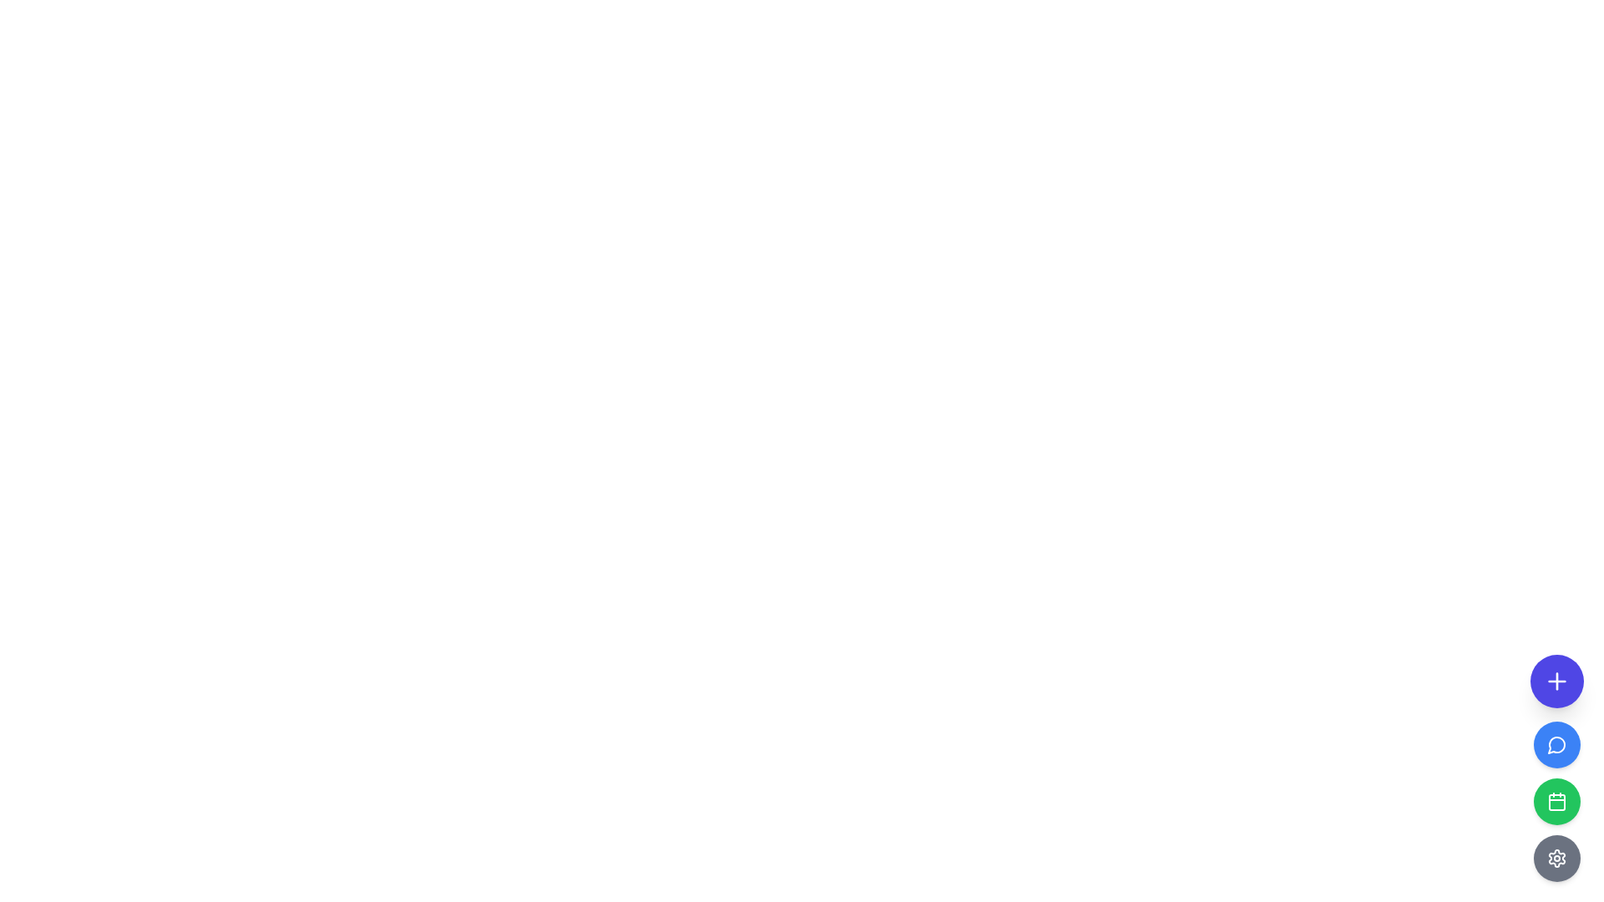 Image resolution: width=1604 pixels, height=902 pixels. Describe the element at coordinates (1556, 801) in the screenshot. I see `the green circular button with a calendar icon, which is the third button in a vertical stack` at that location.